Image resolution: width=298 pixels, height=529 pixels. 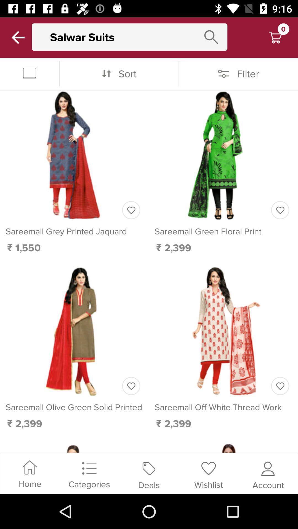 What do you see at coordinates (18, 37) in the screenshot?
I see `go back` at bounding box center [18, 37].